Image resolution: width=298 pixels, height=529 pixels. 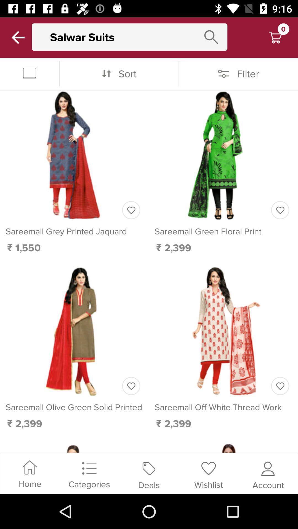 What do you see at coordinates (18, 37) in the screenshot?
I see `go back` at bounding box center [18, 37].